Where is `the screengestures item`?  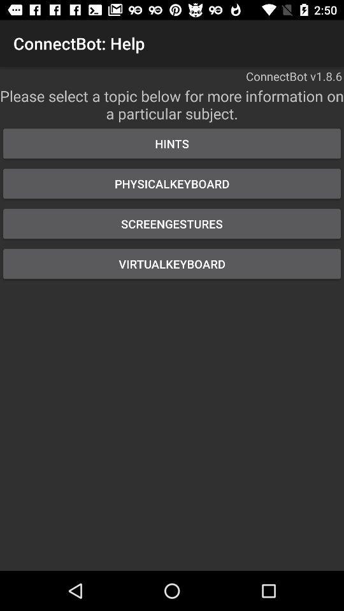
the screengestures item is located at coordinates (172, 223).